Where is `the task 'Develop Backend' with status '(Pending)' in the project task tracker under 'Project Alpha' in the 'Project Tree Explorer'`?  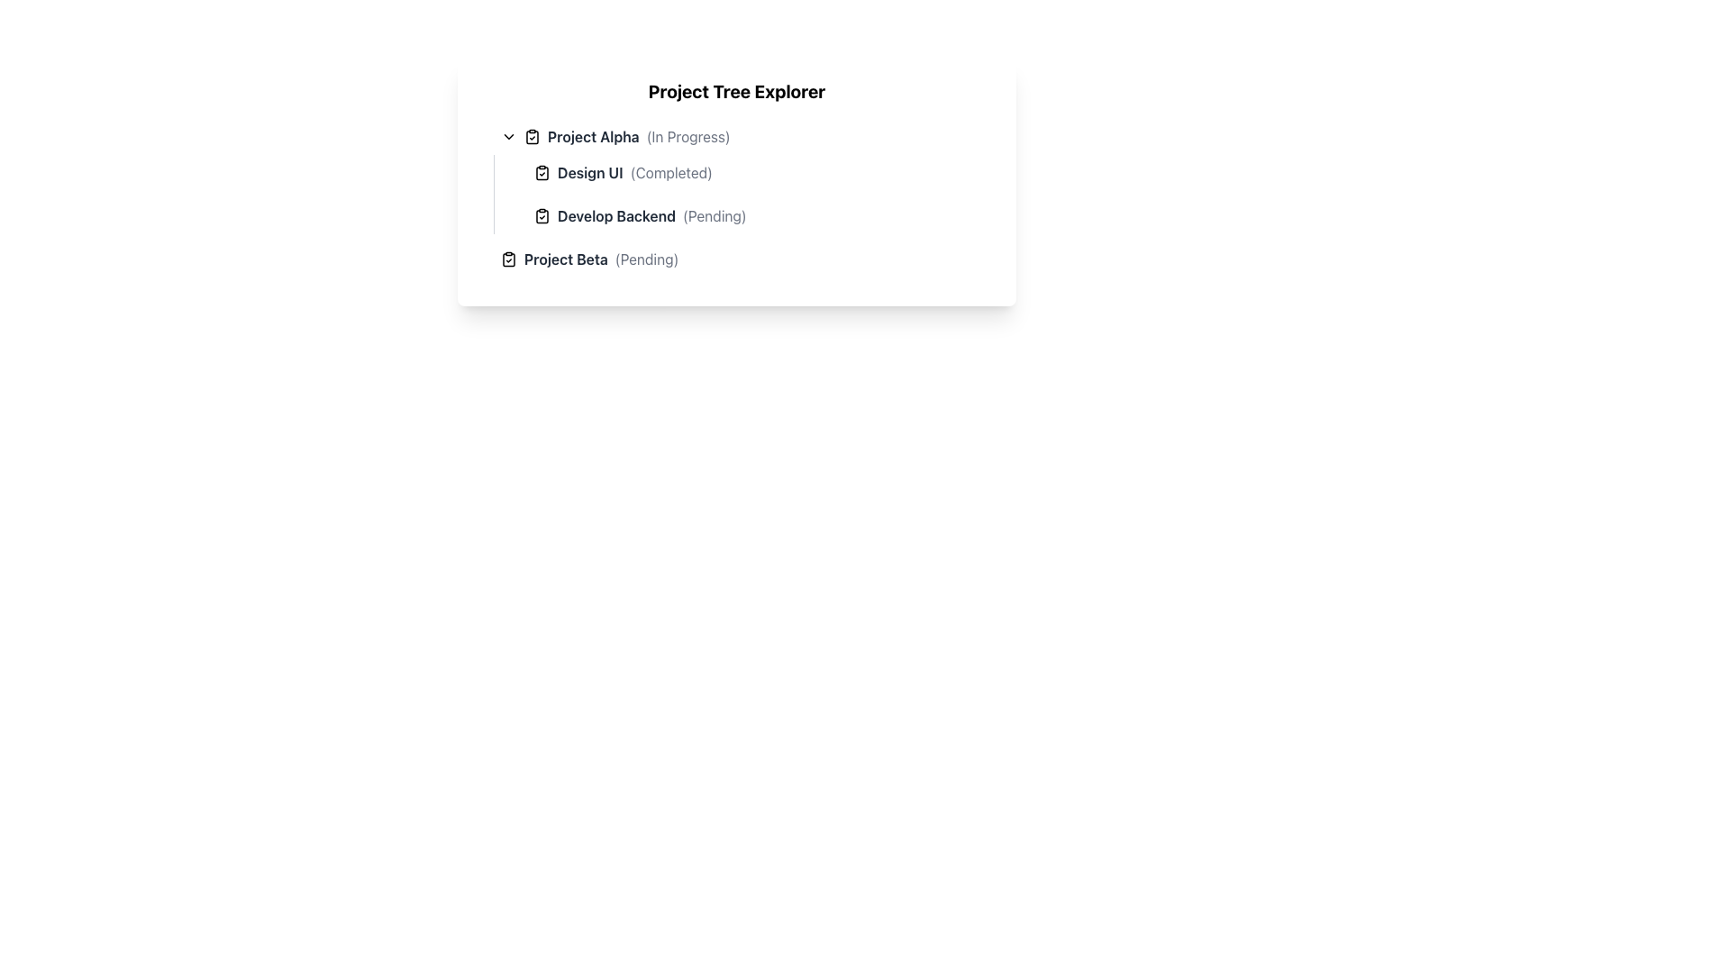
the task 'Develop Backend' with status '(Pending)' in the project task tracker under 'Project Alpha' in the 'Project Tree Explorer' is located at coordinates (736, 197).